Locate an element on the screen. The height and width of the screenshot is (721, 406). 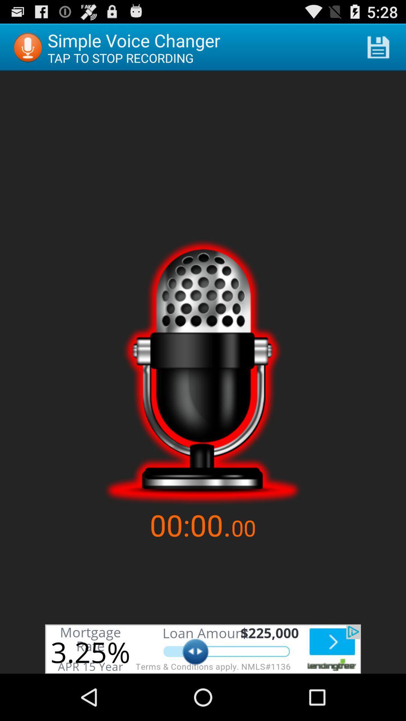
fair ward is located at coordinates (203, 649).